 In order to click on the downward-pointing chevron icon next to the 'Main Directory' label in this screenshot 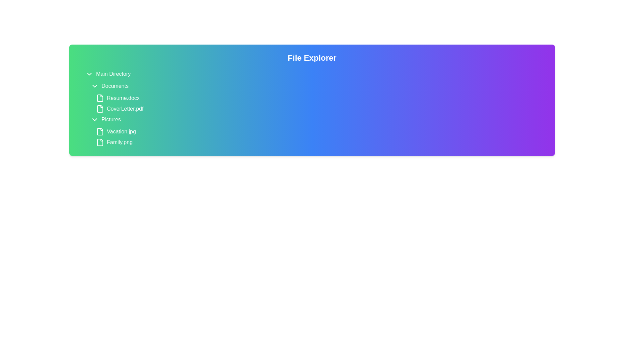, I will do `click(89, 74)`.